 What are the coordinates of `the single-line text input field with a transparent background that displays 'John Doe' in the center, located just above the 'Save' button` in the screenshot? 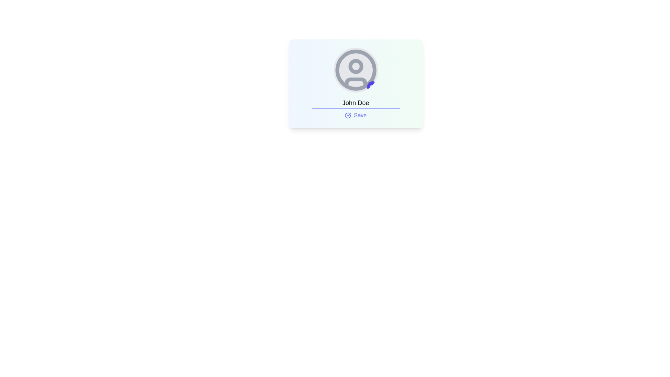 It's located at (356, 103).